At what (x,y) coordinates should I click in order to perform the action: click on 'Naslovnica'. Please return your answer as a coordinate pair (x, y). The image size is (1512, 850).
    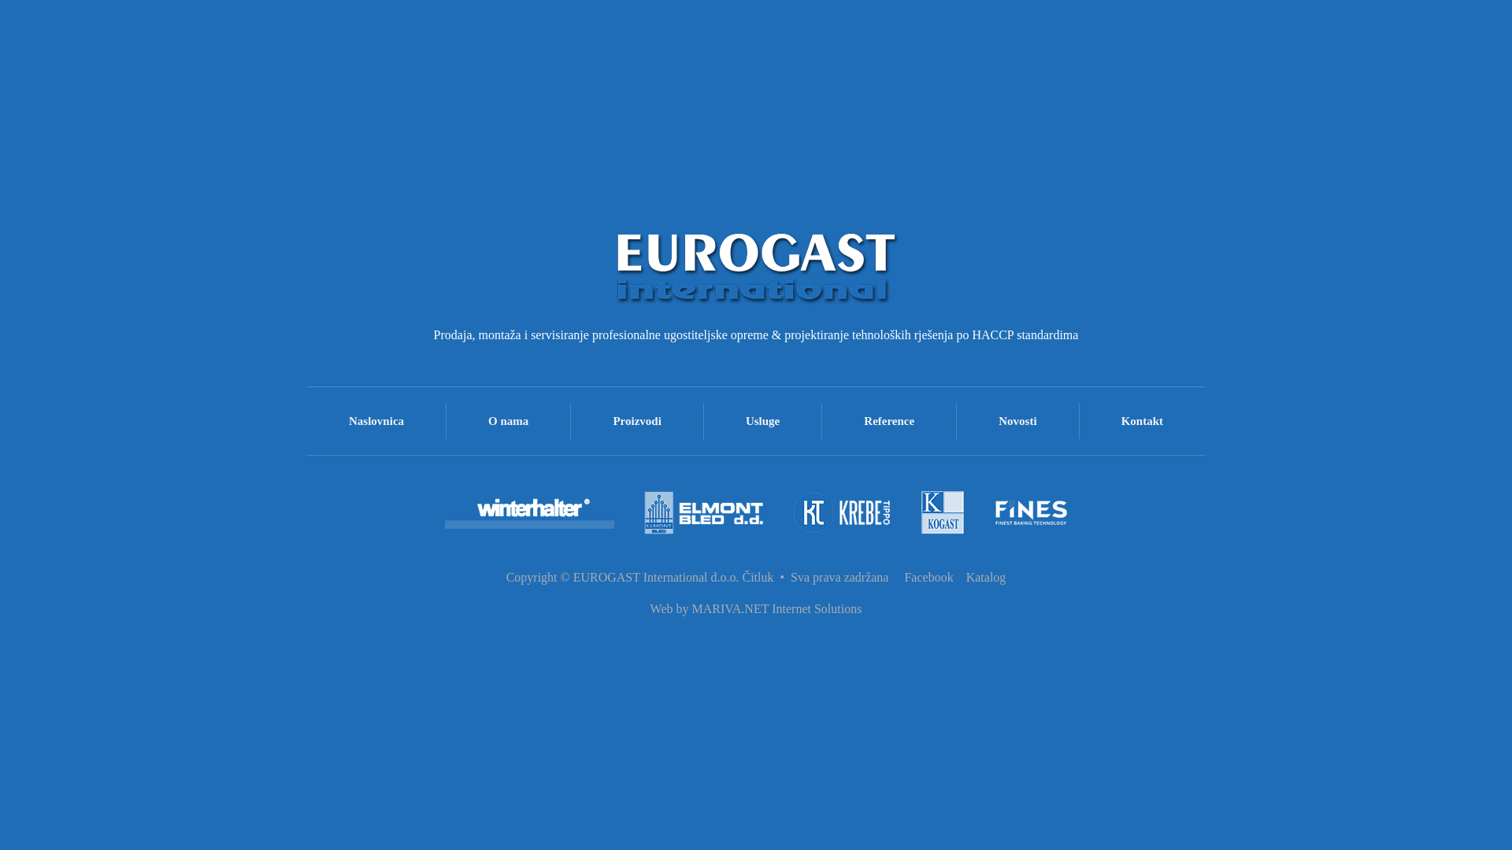
    Looking at the image, I should click on (306, 420).